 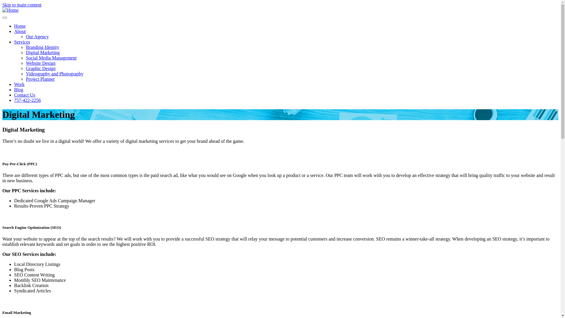 I want to click on 'Work', so click(x=19, y=84).